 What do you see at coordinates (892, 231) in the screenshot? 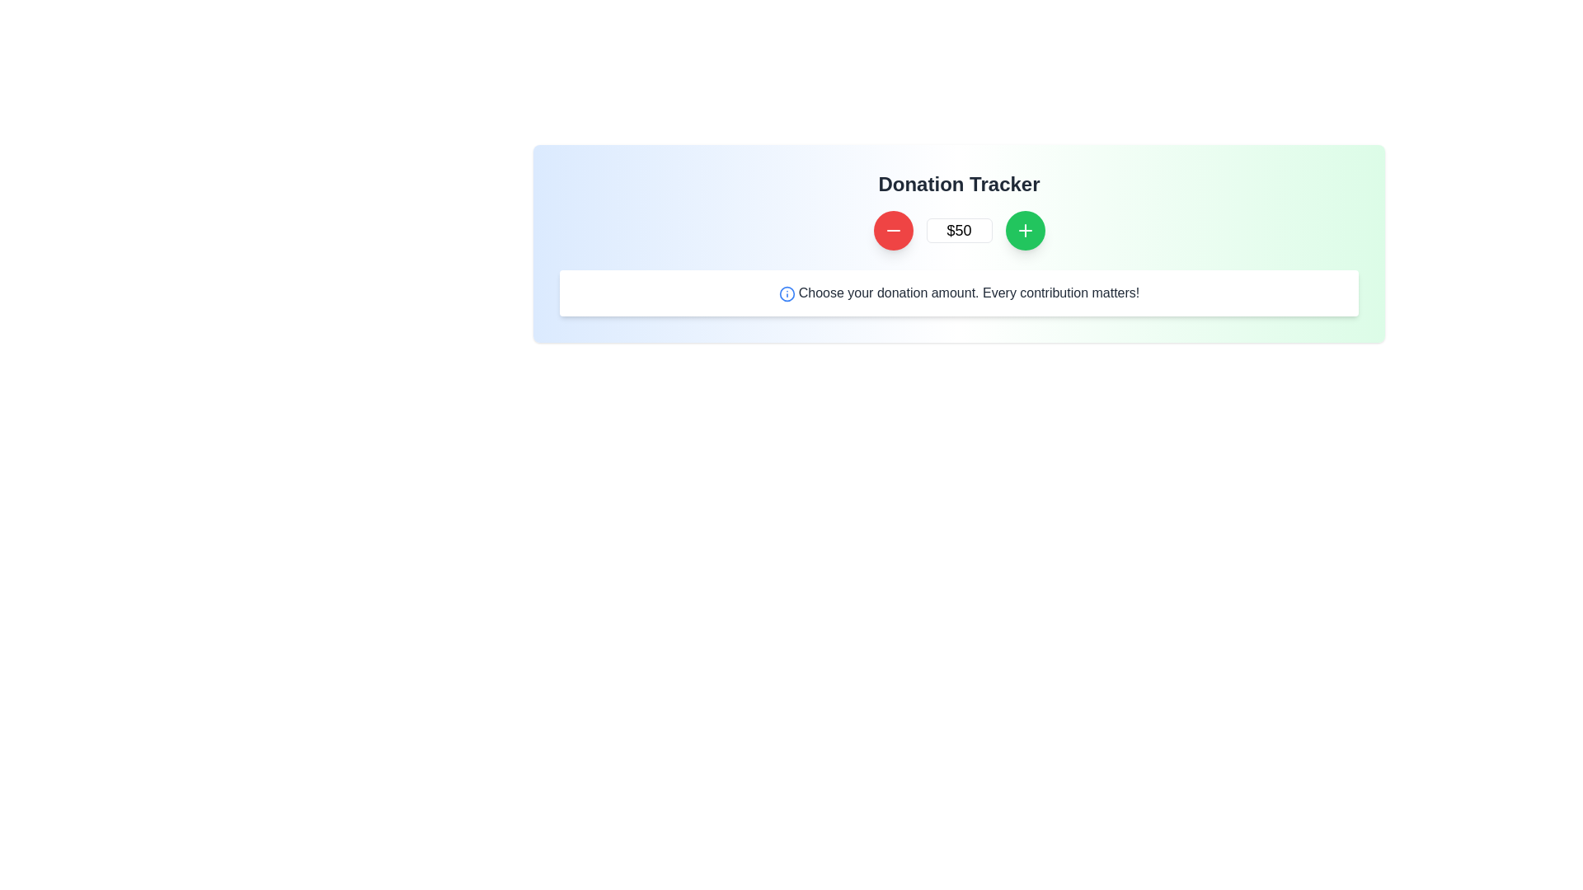
I see `the minus icon, which is a bold horizontal line centered within a red circular button, to decrement the value` at bounding box center [892, 231].